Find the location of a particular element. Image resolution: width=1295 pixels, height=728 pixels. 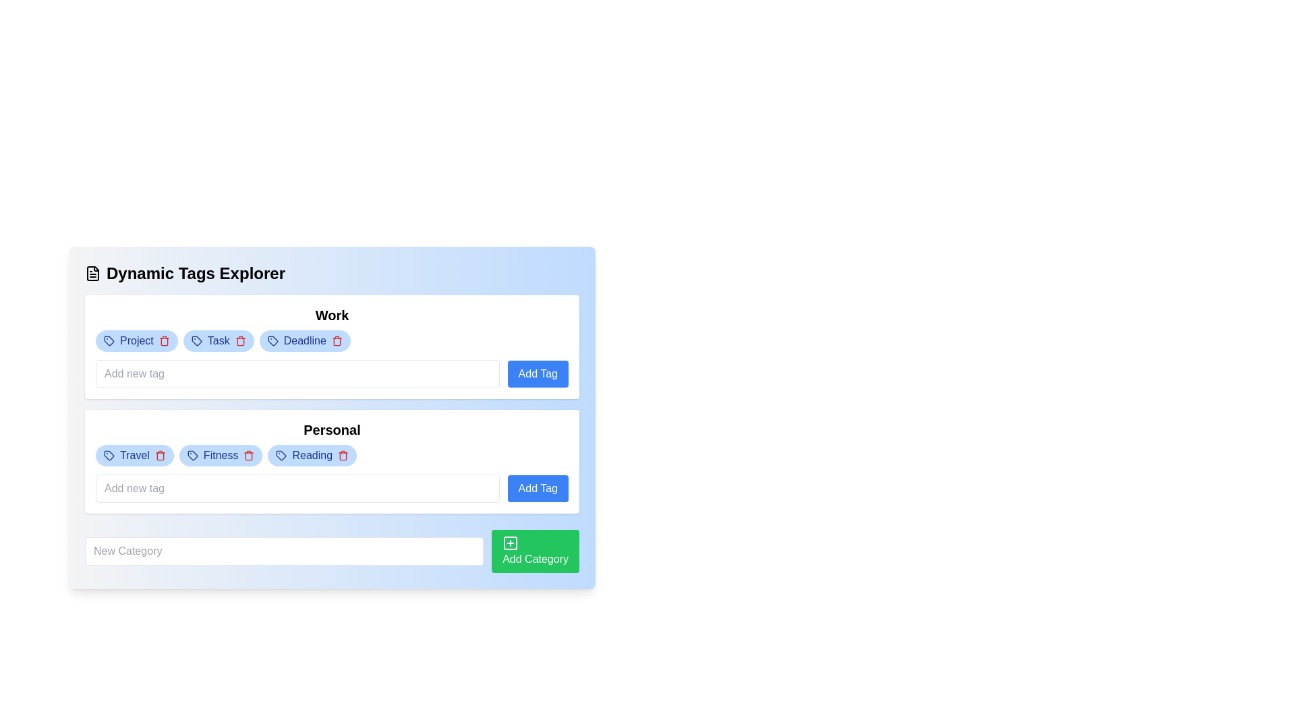

the delete icon button located to the right of the 'Task' label in the 'Work' section is located at coordinates (240, 340).